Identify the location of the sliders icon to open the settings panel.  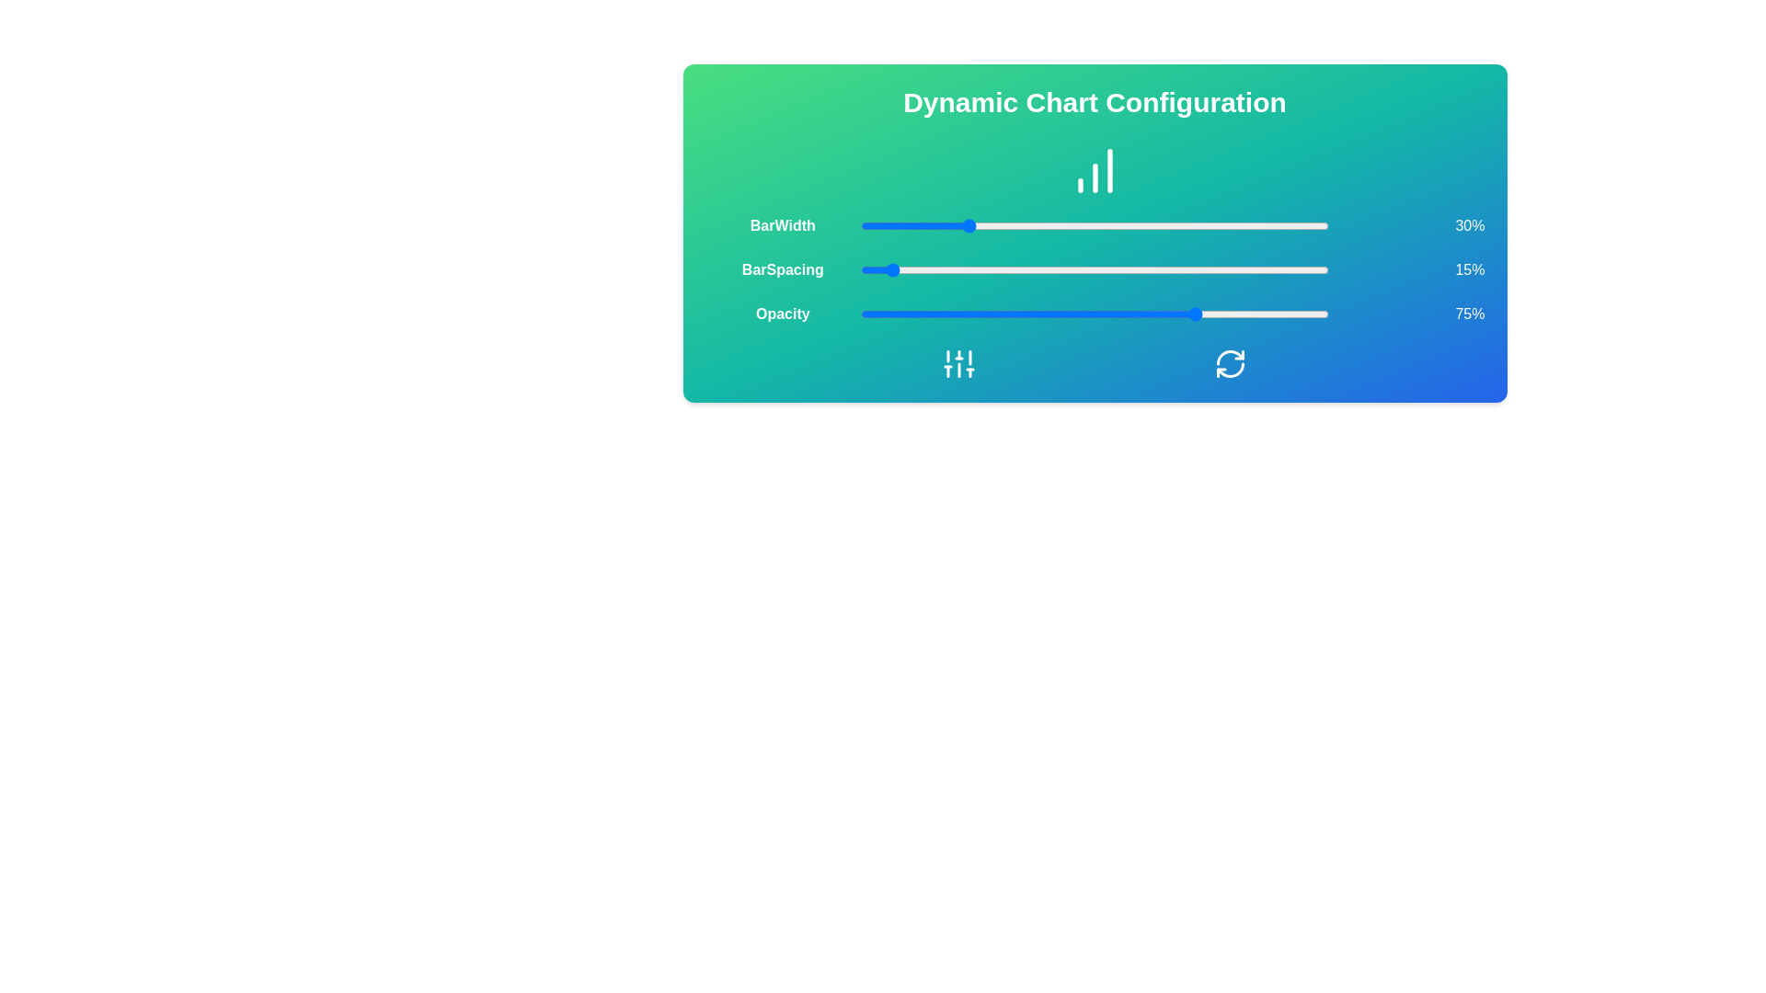
(958, 364).